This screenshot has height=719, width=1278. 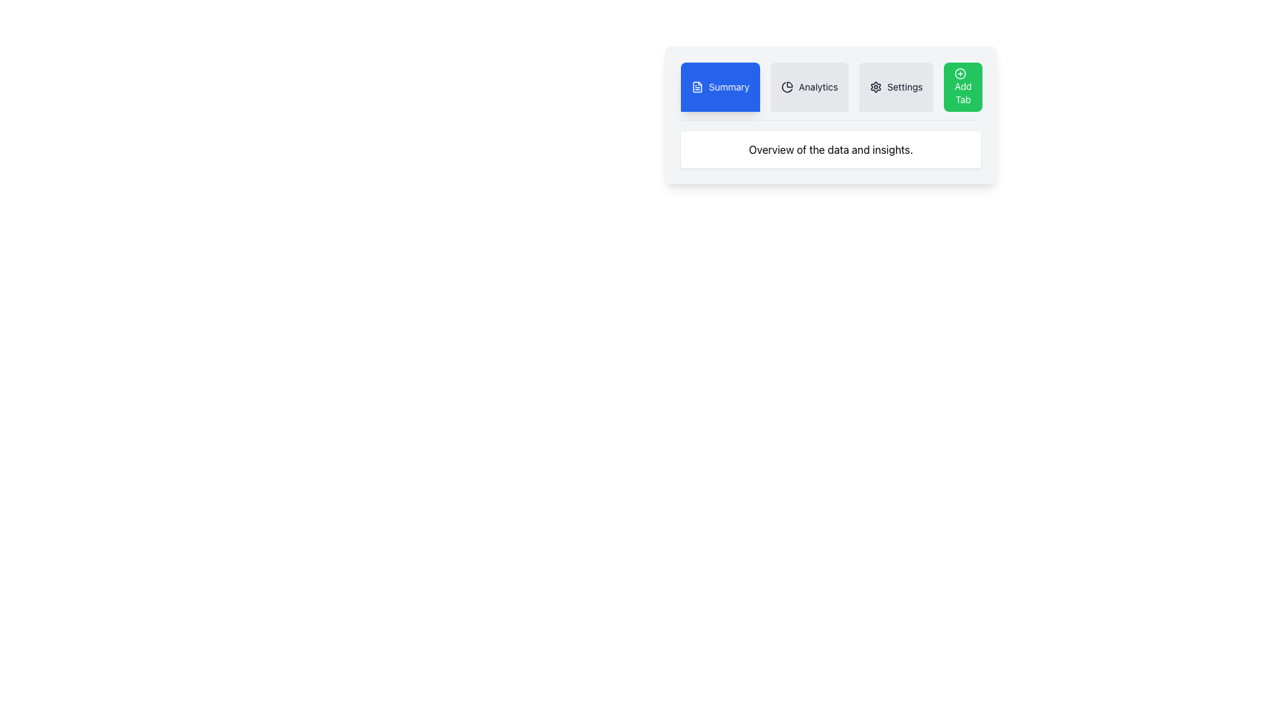 What do you see at coordinates (787, 87) in the screenshot?
I see `the analytics icon located within the 'Analytics' button, which is the second button in a row of four buttons, positioned between the 'Summary' and 'Settings' buttons` at bounding box center [787, 87].